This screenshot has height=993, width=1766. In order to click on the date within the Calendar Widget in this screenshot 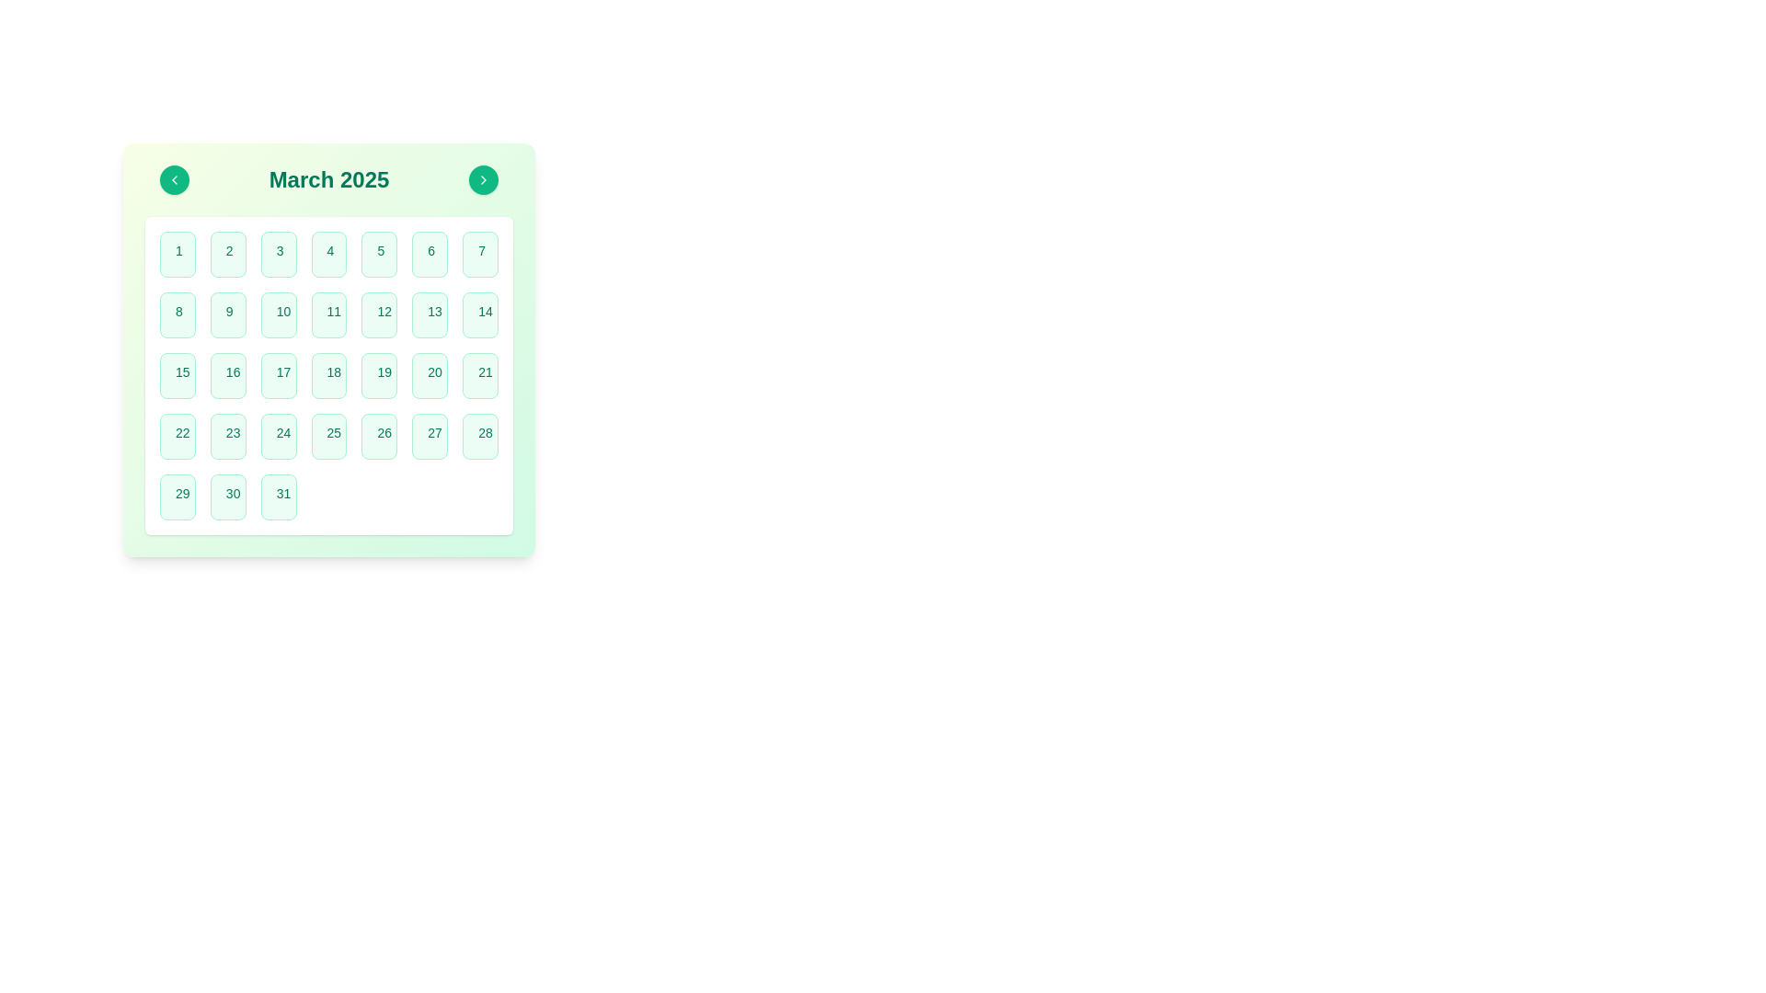, I will do `click(329, 350)`.